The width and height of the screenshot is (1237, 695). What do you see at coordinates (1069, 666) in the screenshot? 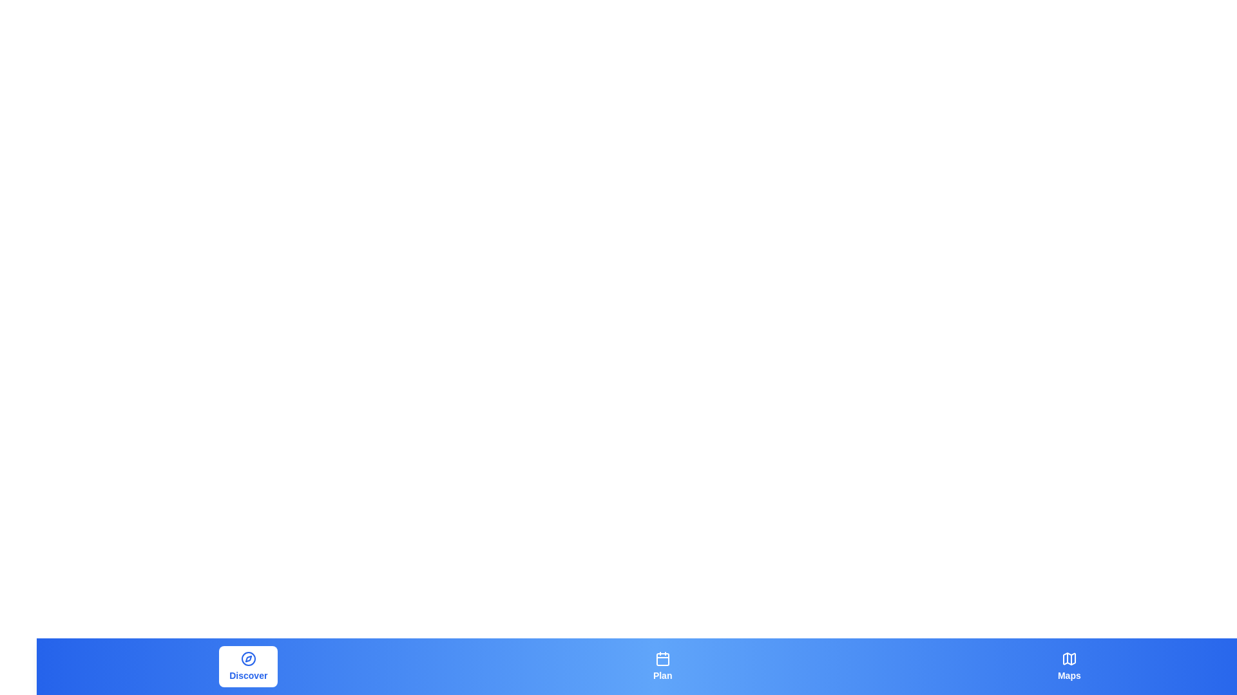
I see `the Maps tab to observe its hover effect` at bounding box center [1069, 666].